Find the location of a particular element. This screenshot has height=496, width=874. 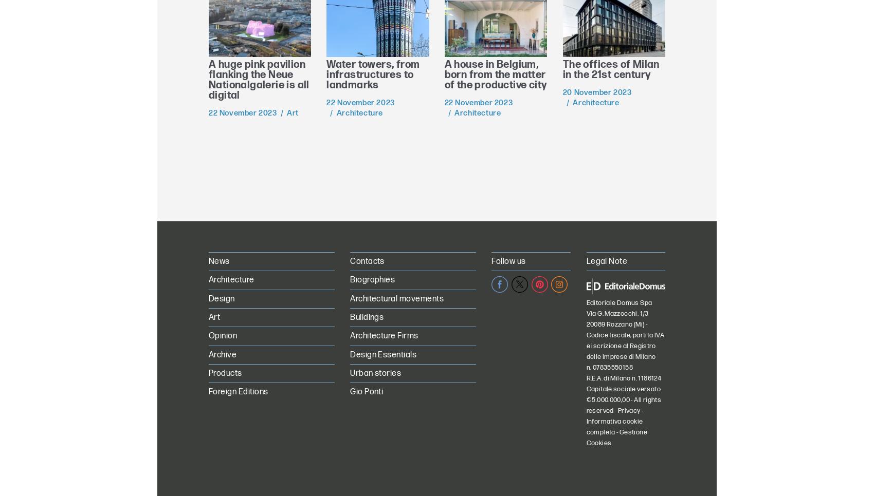

'20 November 2023' is located at coordinates (596, 92).